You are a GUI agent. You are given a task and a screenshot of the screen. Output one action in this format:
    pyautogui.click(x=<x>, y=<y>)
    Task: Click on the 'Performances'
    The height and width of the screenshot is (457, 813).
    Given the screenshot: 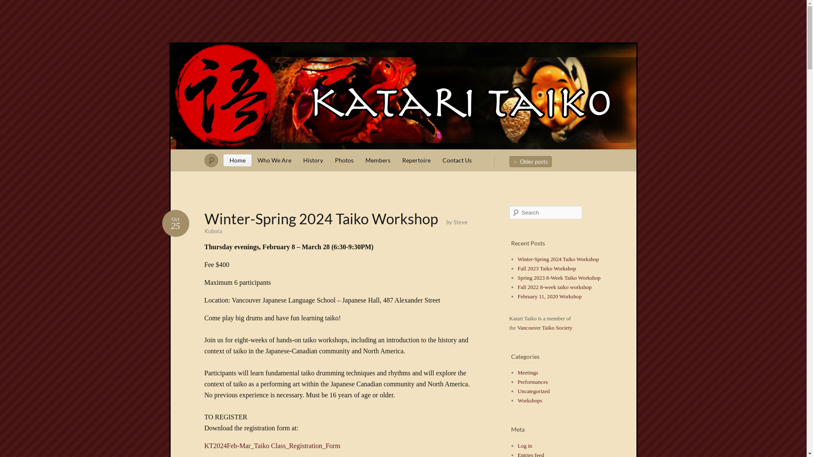 What is the action you would take?
    pyautogui.click(x=532, y=382)
    